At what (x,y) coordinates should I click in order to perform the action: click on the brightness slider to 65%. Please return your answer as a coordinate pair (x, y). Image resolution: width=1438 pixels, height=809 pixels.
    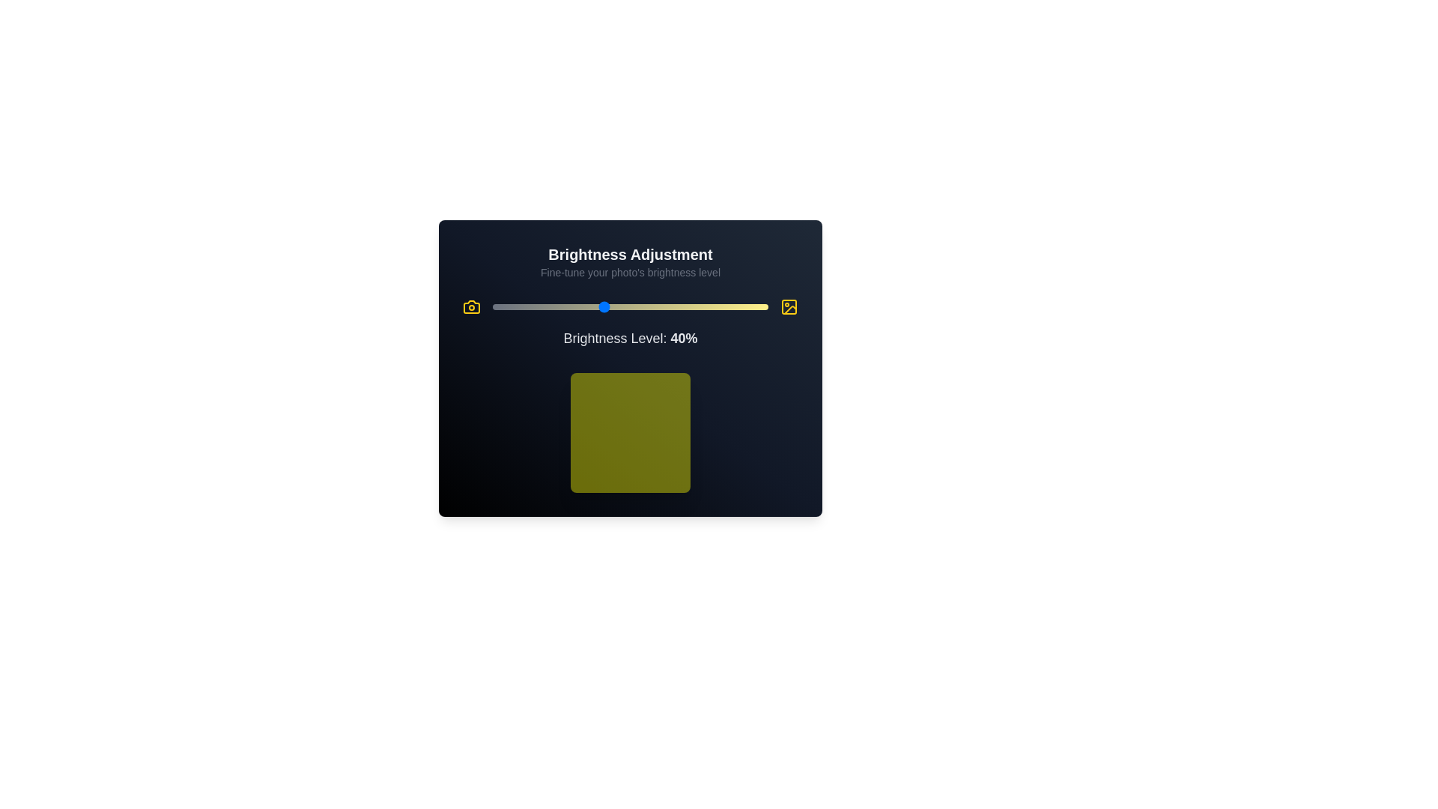
    Looking at the image, I should click on (671, 306).